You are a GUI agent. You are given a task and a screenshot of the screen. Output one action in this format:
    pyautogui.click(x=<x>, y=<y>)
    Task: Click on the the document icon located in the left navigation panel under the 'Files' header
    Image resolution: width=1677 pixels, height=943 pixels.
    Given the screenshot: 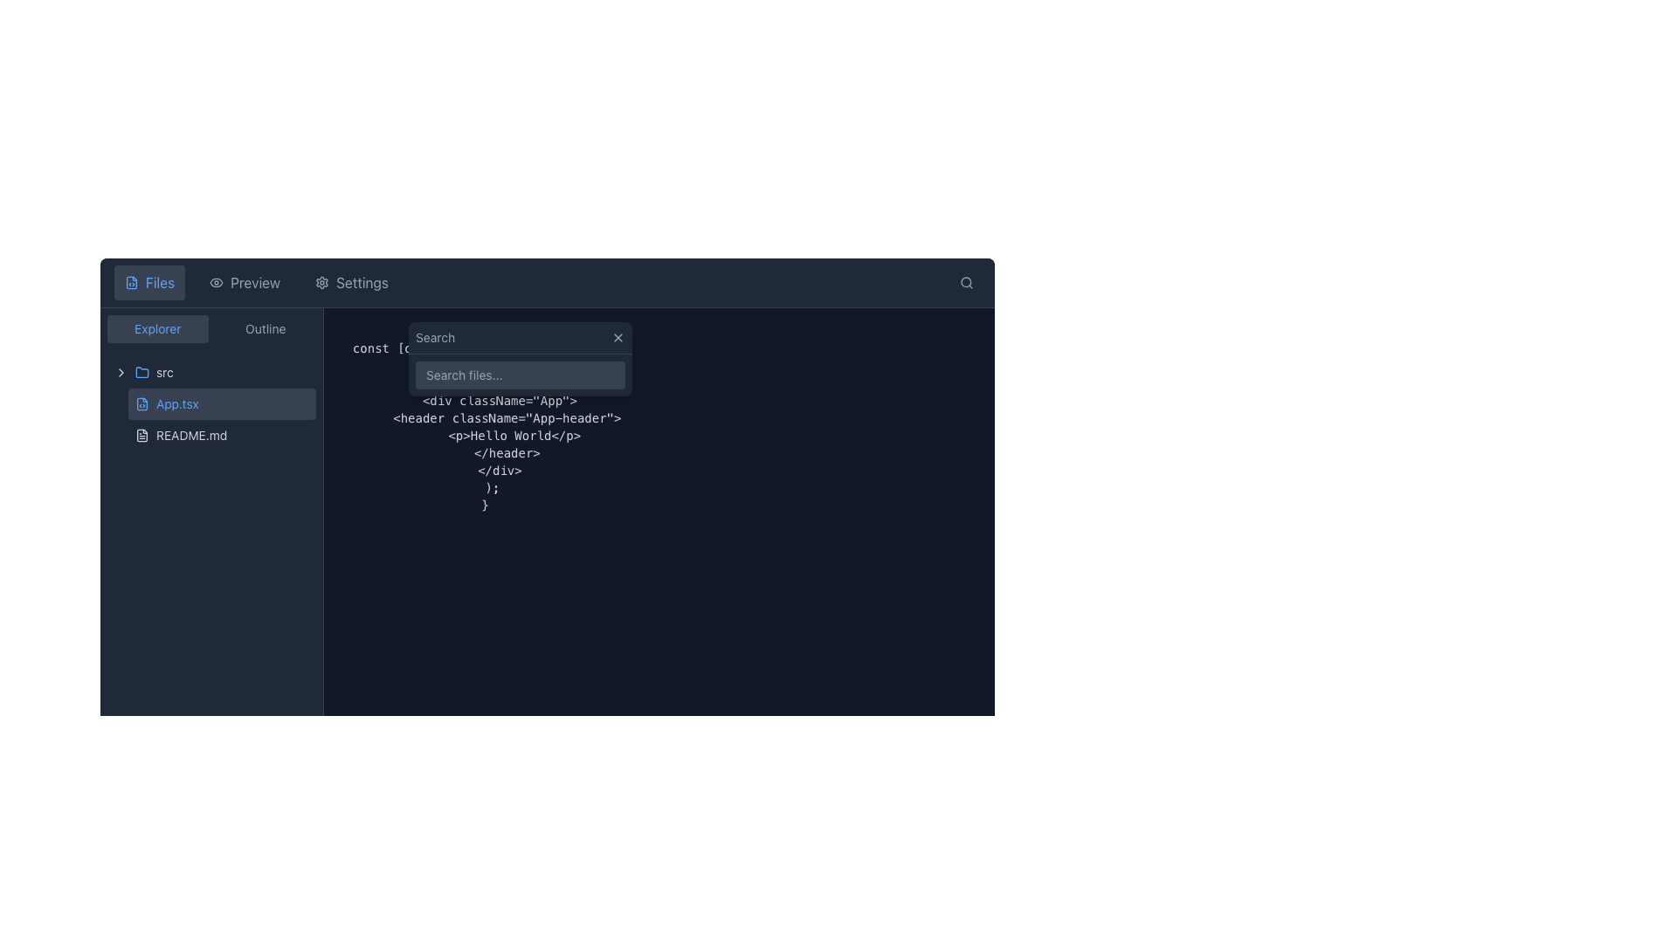 What is the action you would take?
    pyautogui.click(x=130, y=282)
    